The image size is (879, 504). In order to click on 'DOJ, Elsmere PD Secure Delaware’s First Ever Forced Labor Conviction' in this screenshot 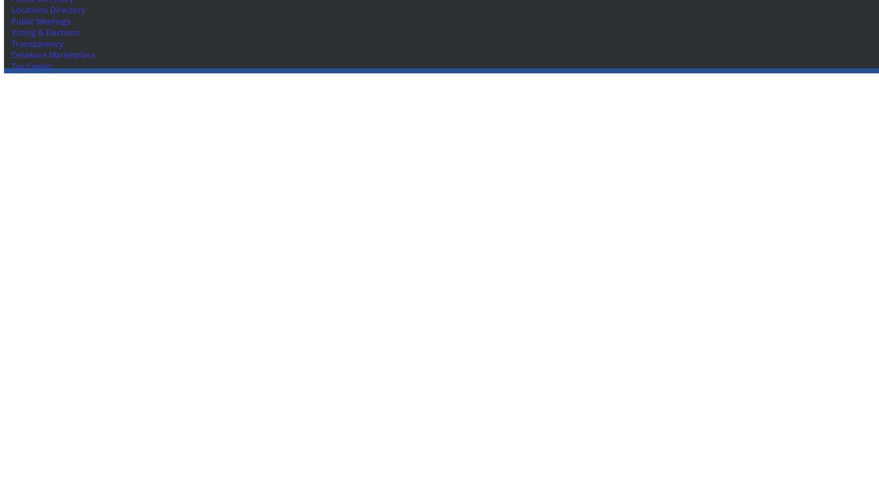, I will do `click(71, 171)`.